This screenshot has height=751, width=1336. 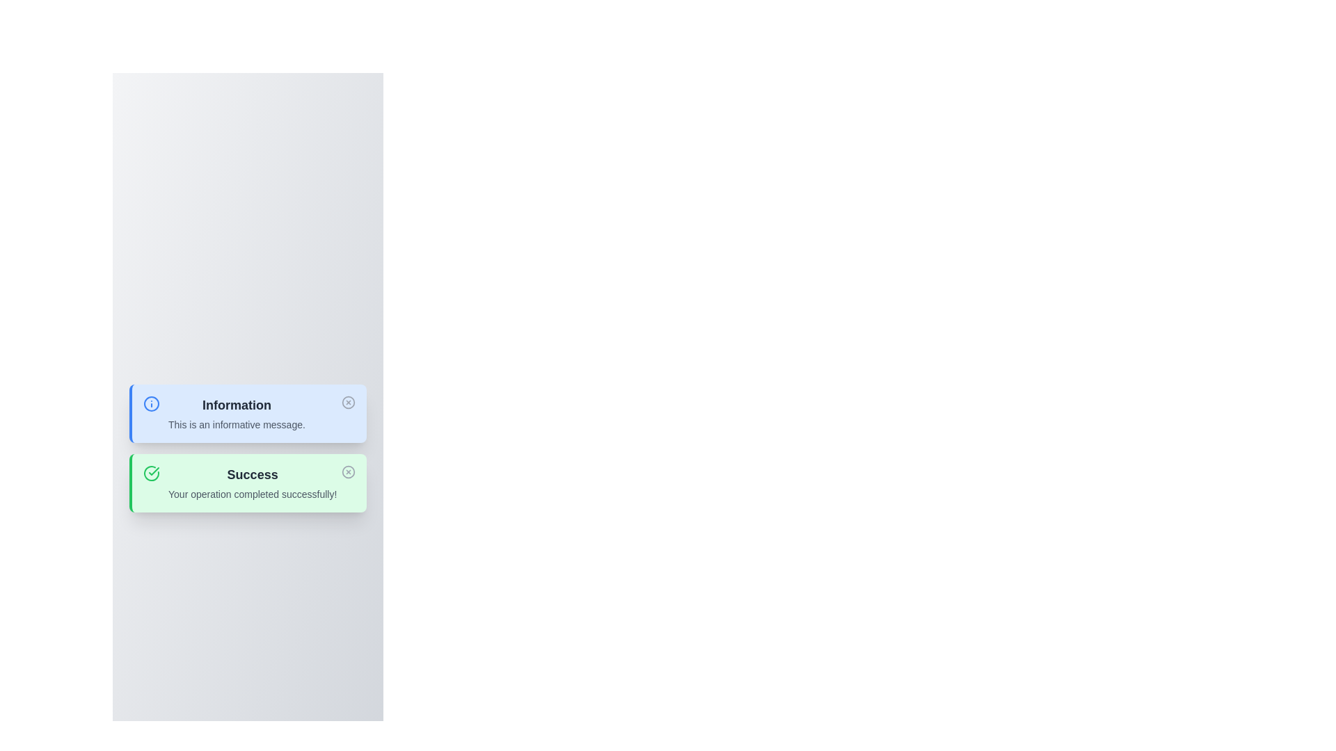 What do you see at coordinates (248, 412) in the screenshot?
I see `the notification titled 'Information' to observe the hover effect` at bounding box center [248, 412].